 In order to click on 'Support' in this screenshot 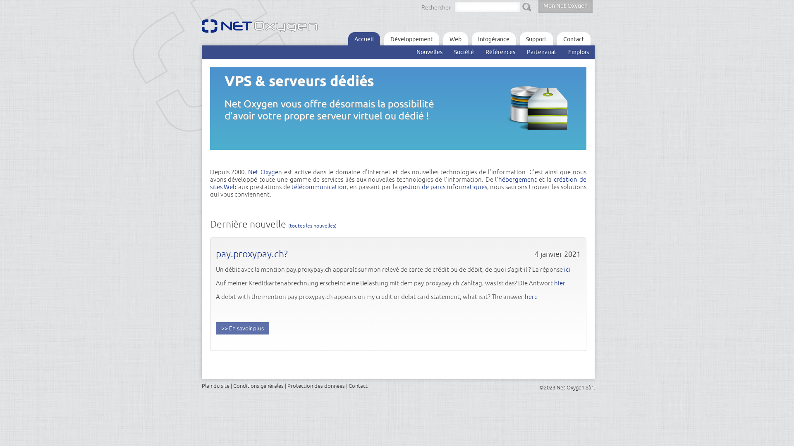, I will do `click(519, 38)`.